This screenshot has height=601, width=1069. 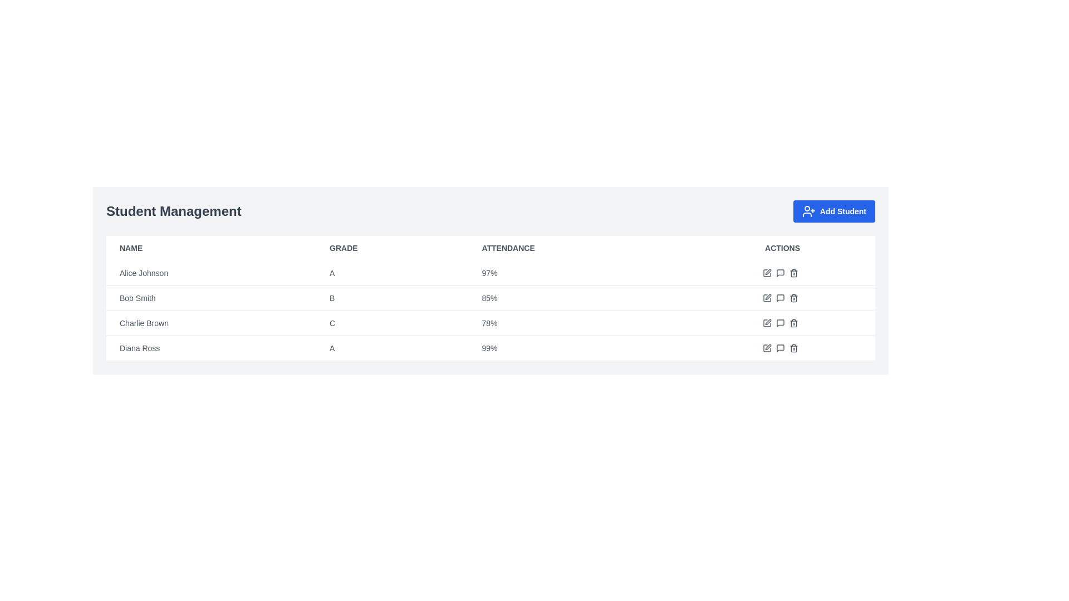 I want to click on the speech bubble icon in the 'Actions' column for 'Charlie Brown', so click(x=779, y=323).